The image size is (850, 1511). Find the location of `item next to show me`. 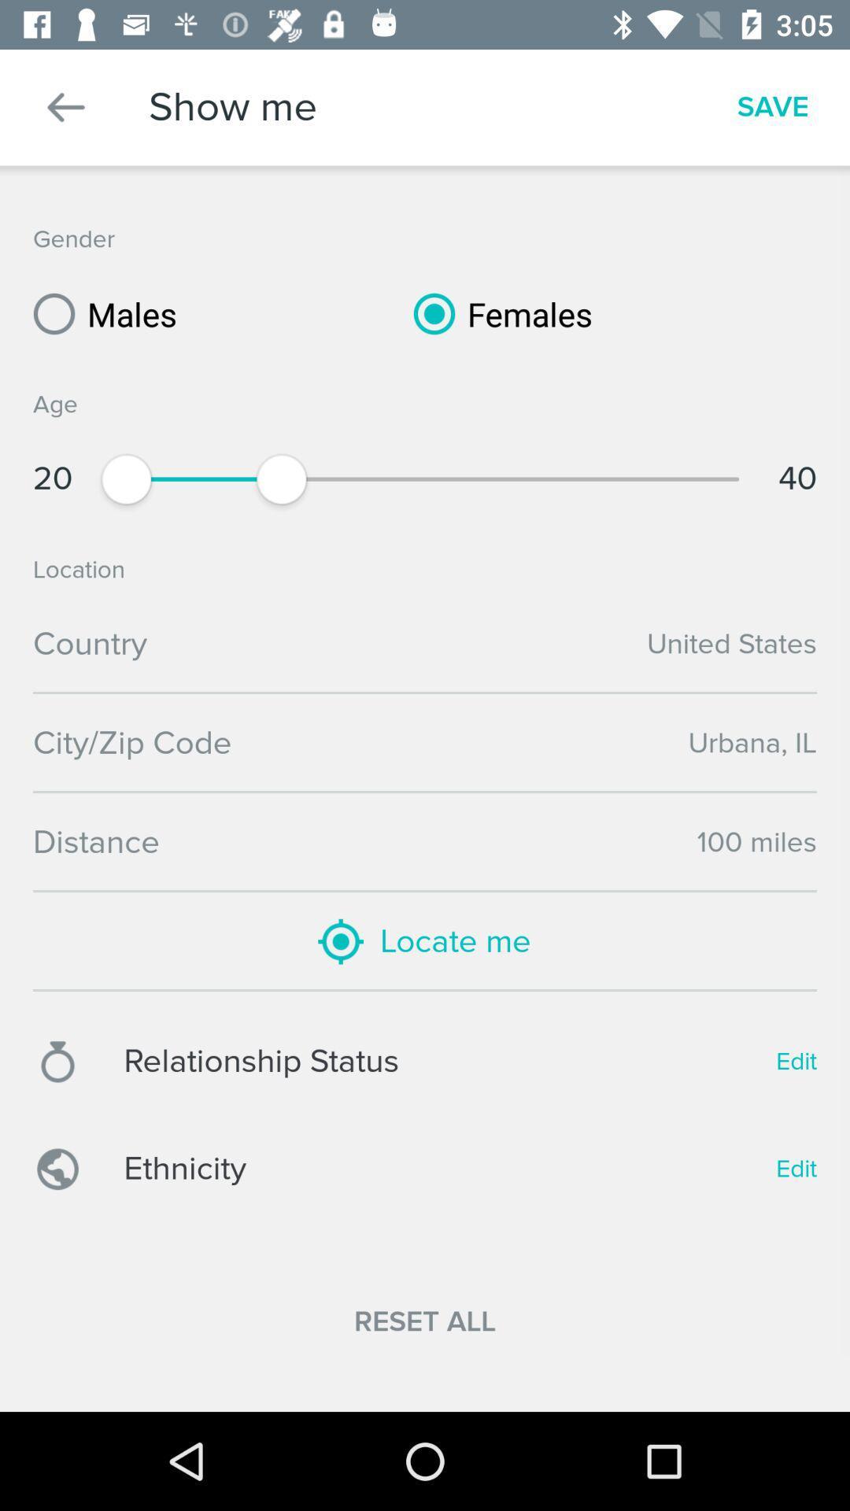

item next to show me is located at coordinates (65, 106).